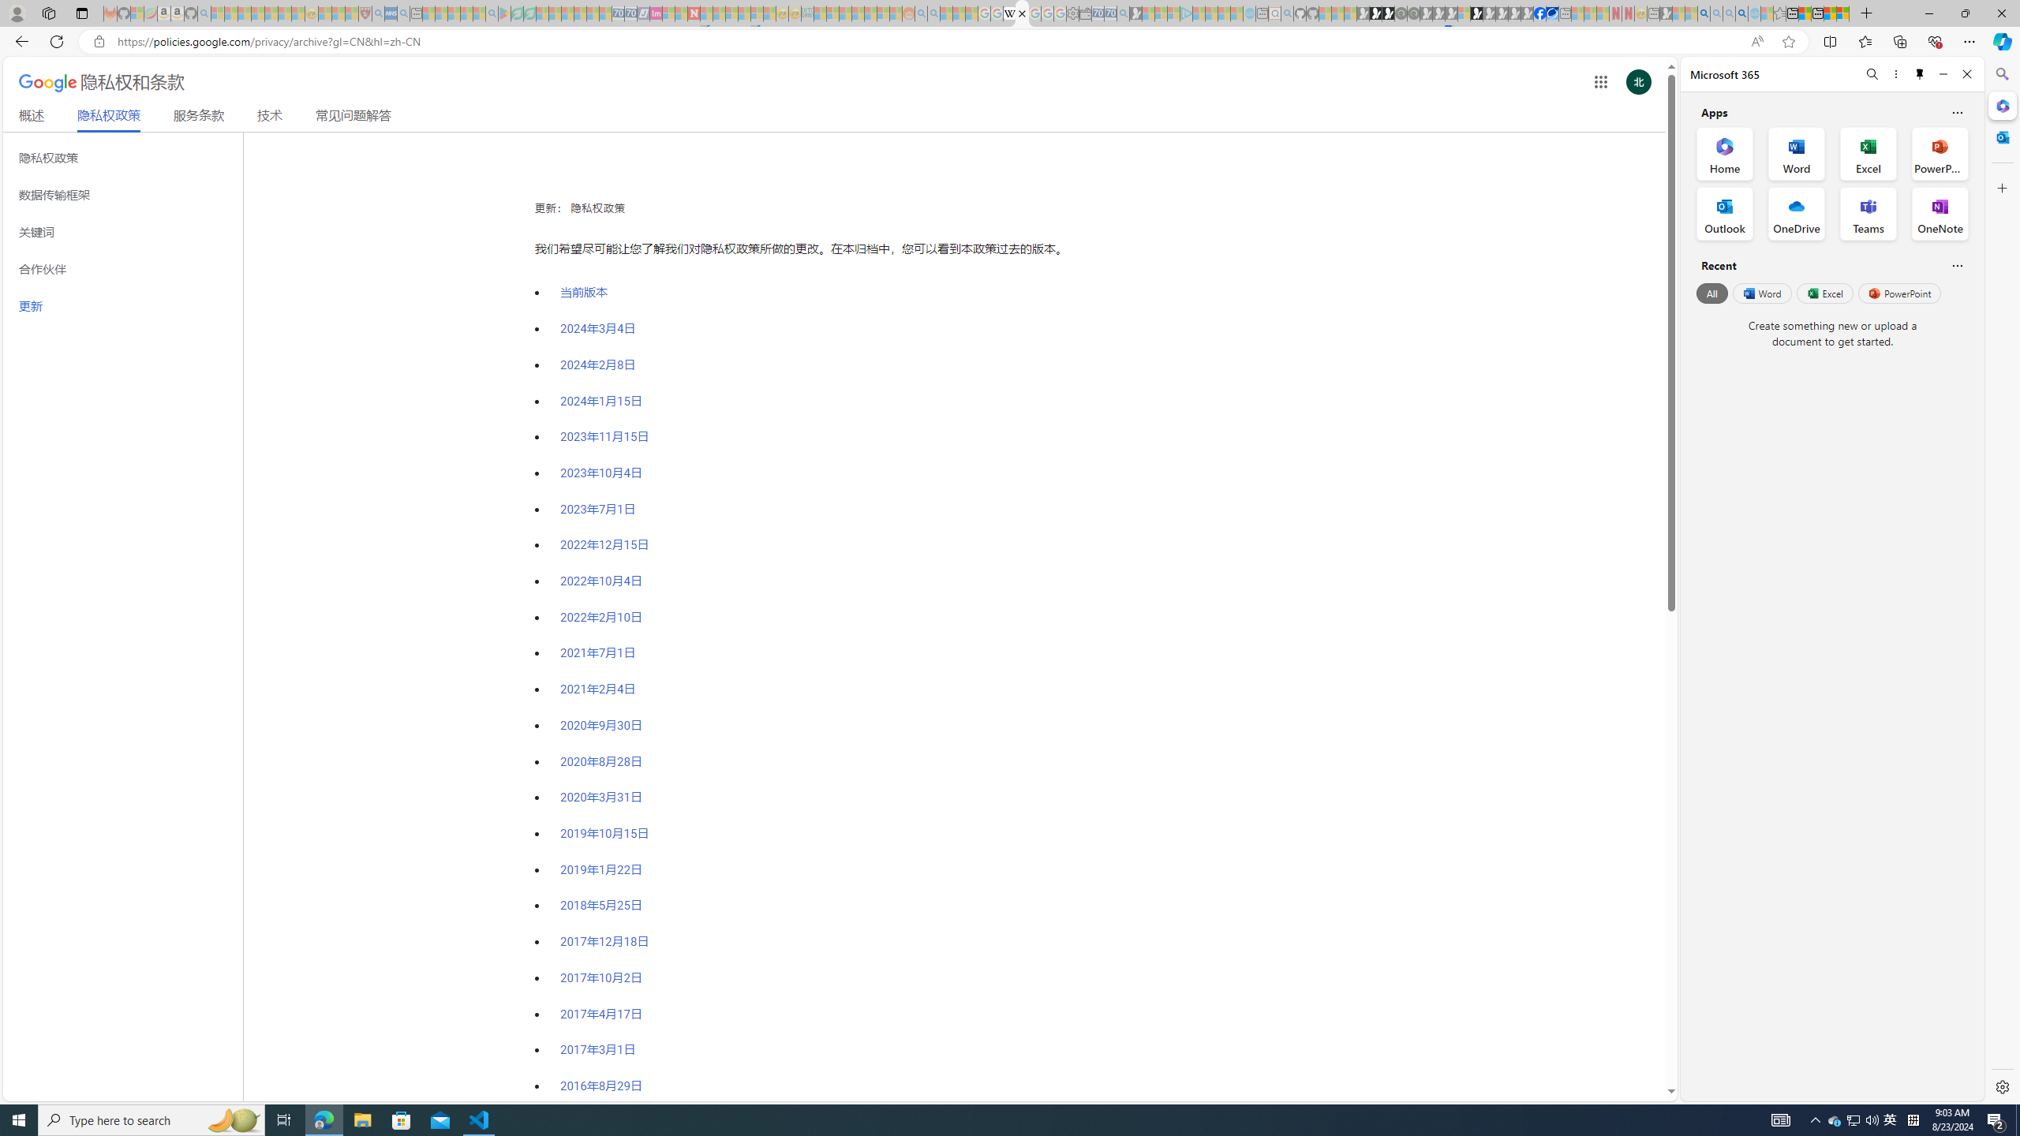 The height and width of the screenshot is (1136, 2020). What do you see at coordinates (1412, 13) in the screenshot?
I see `'Future Focus Report 2024 - Sleeping'` at bounding box center [1412, 13].